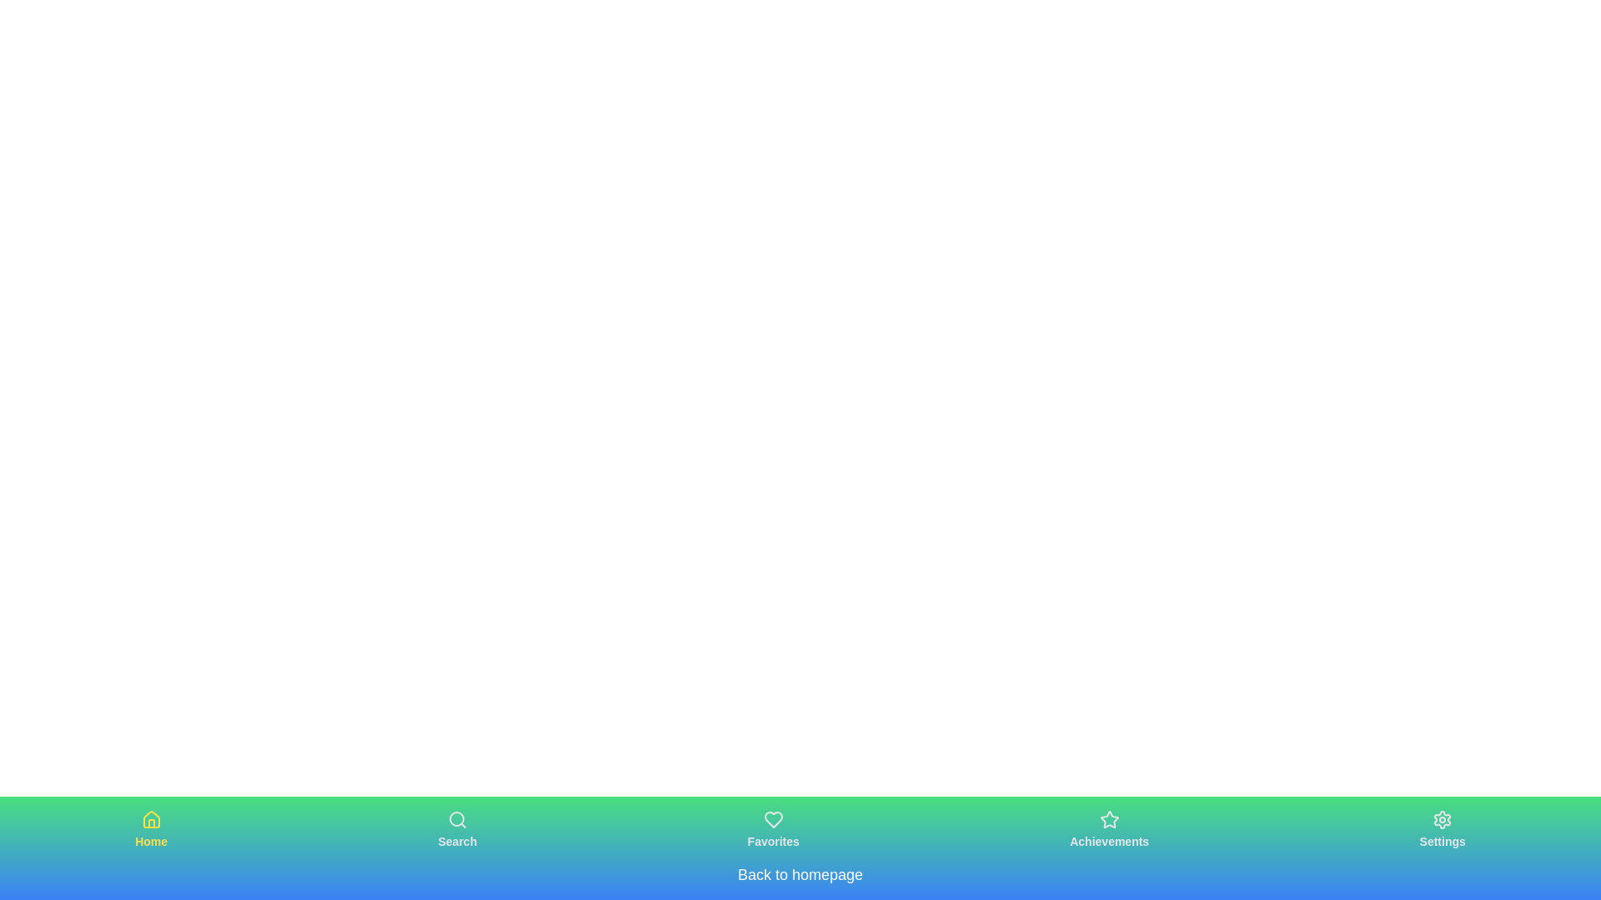 This screenshot has height=900, width=1601. I want to click on the tab labeled Settings, so click(1441, 829).